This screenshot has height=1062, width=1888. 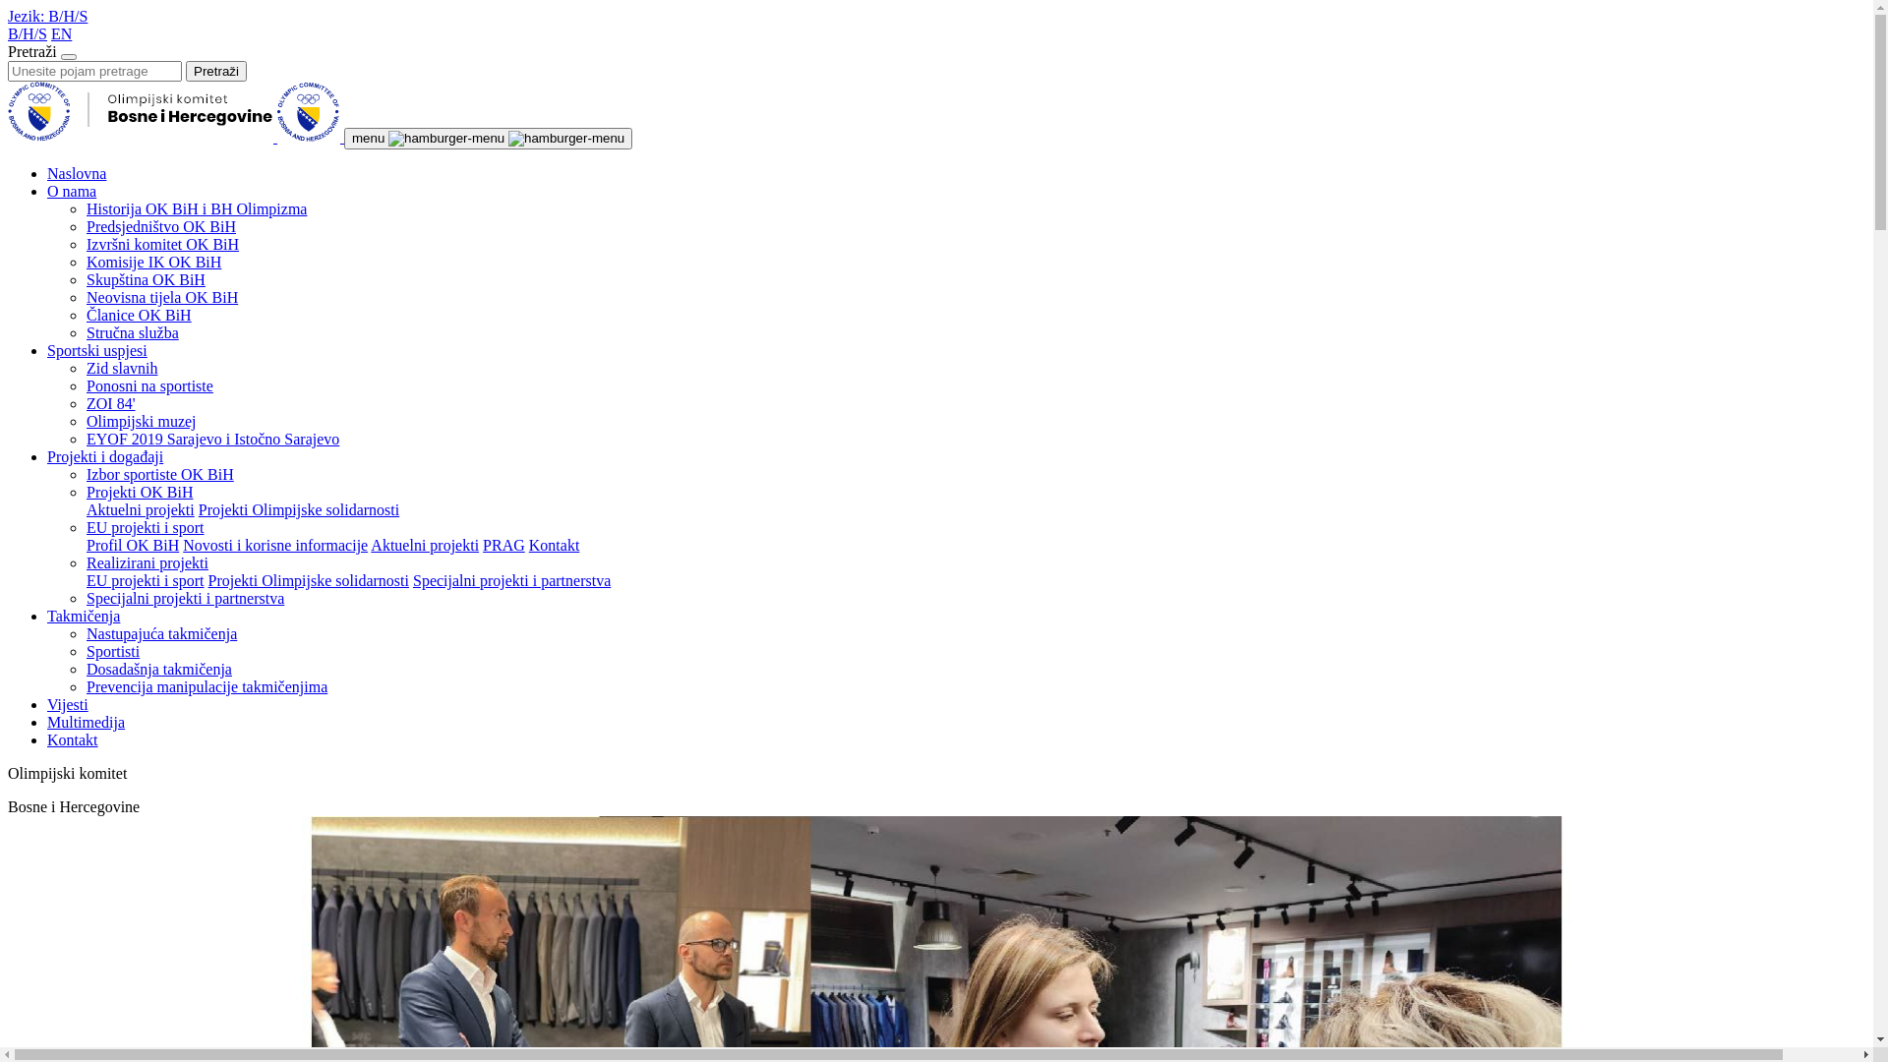 I want to click on 'Olimpijski muzej', so click(x=141, y=420).